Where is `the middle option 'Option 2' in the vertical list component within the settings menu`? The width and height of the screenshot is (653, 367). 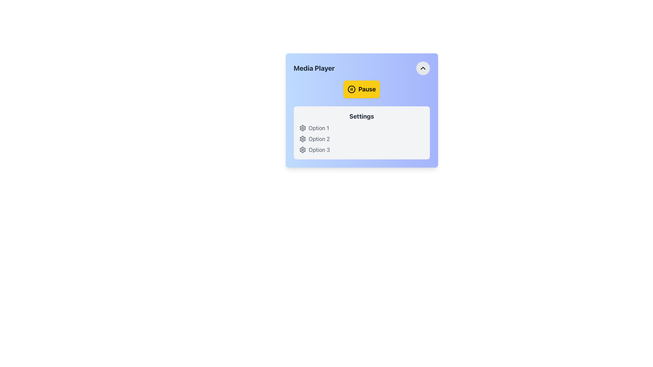
the middle option 'Option 2' in the vertical list component within the settings menu is located at coordinates (361, 138).